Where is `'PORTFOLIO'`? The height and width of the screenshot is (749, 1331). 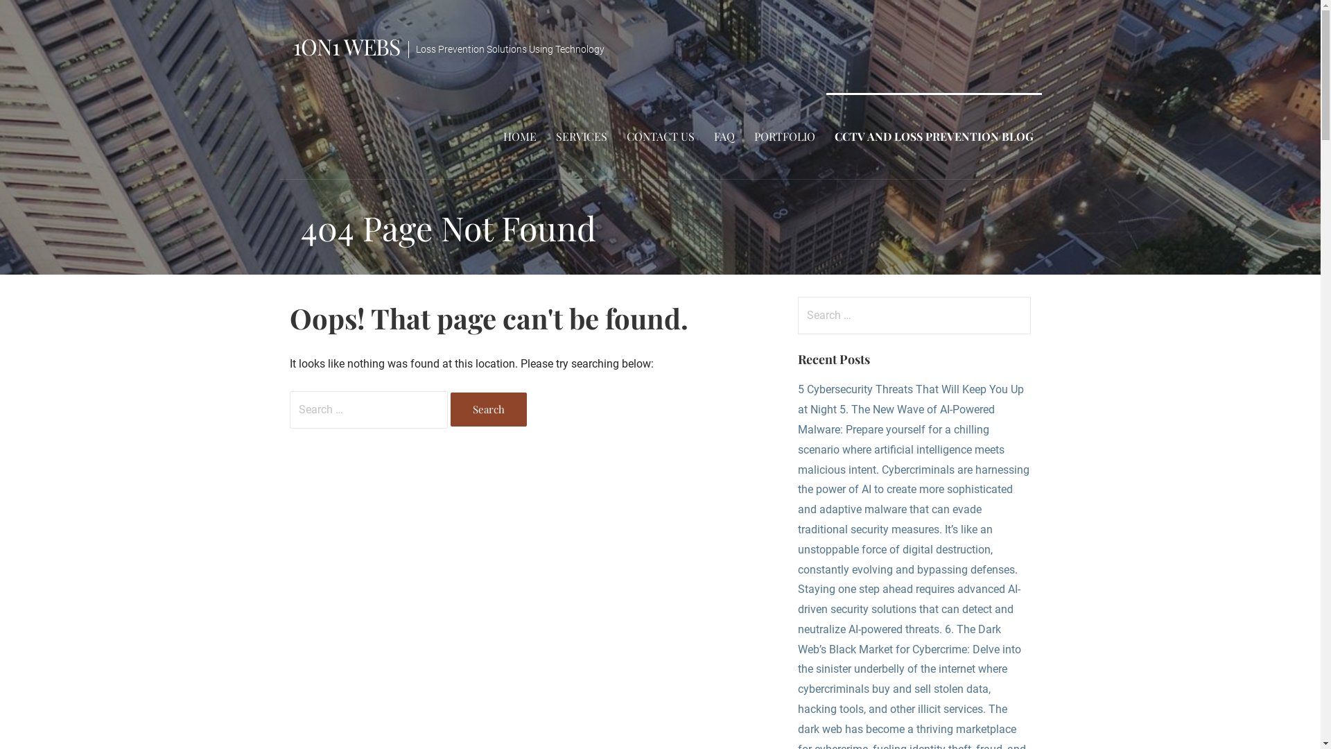 'PORTFOLIO' is located at coordinates (785, 136).